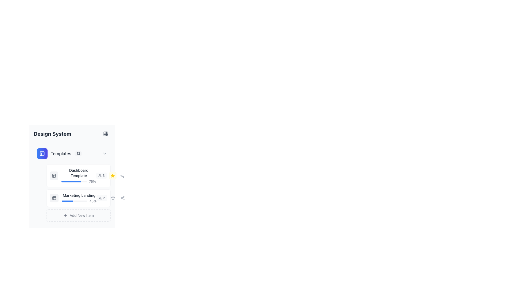 The width and height of the screenshot is (513, 288). Describe the element at coordinates (122, 198) in the screenshot. I see `the share icon, which consists of three interconnected circles in a triangular formation, located within the 'Marketing Landing' list item under the 'Templates' section` at that location.